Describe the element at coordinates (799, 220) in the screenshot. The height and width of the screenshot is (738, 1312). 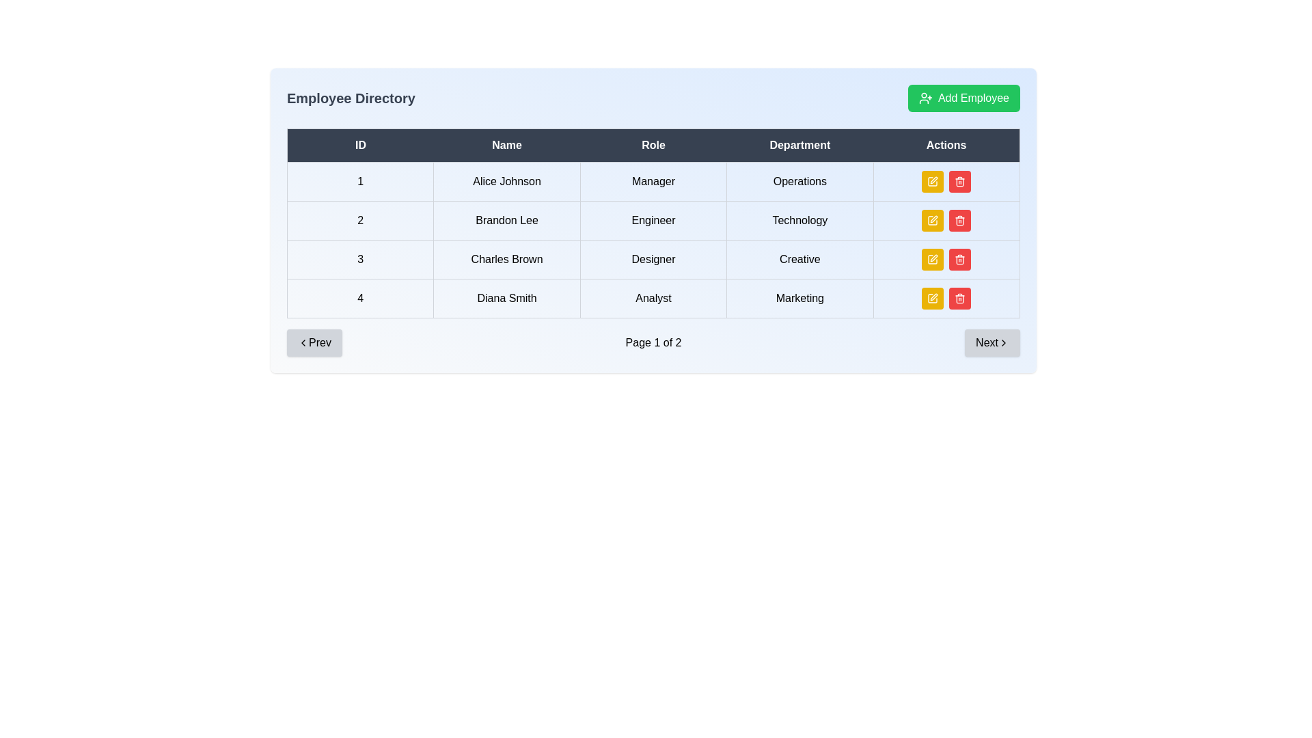
I see `the department label for employee 'Brandon Lee' located in the second row of the Employee Directory table, situated in the Department column` at that location.